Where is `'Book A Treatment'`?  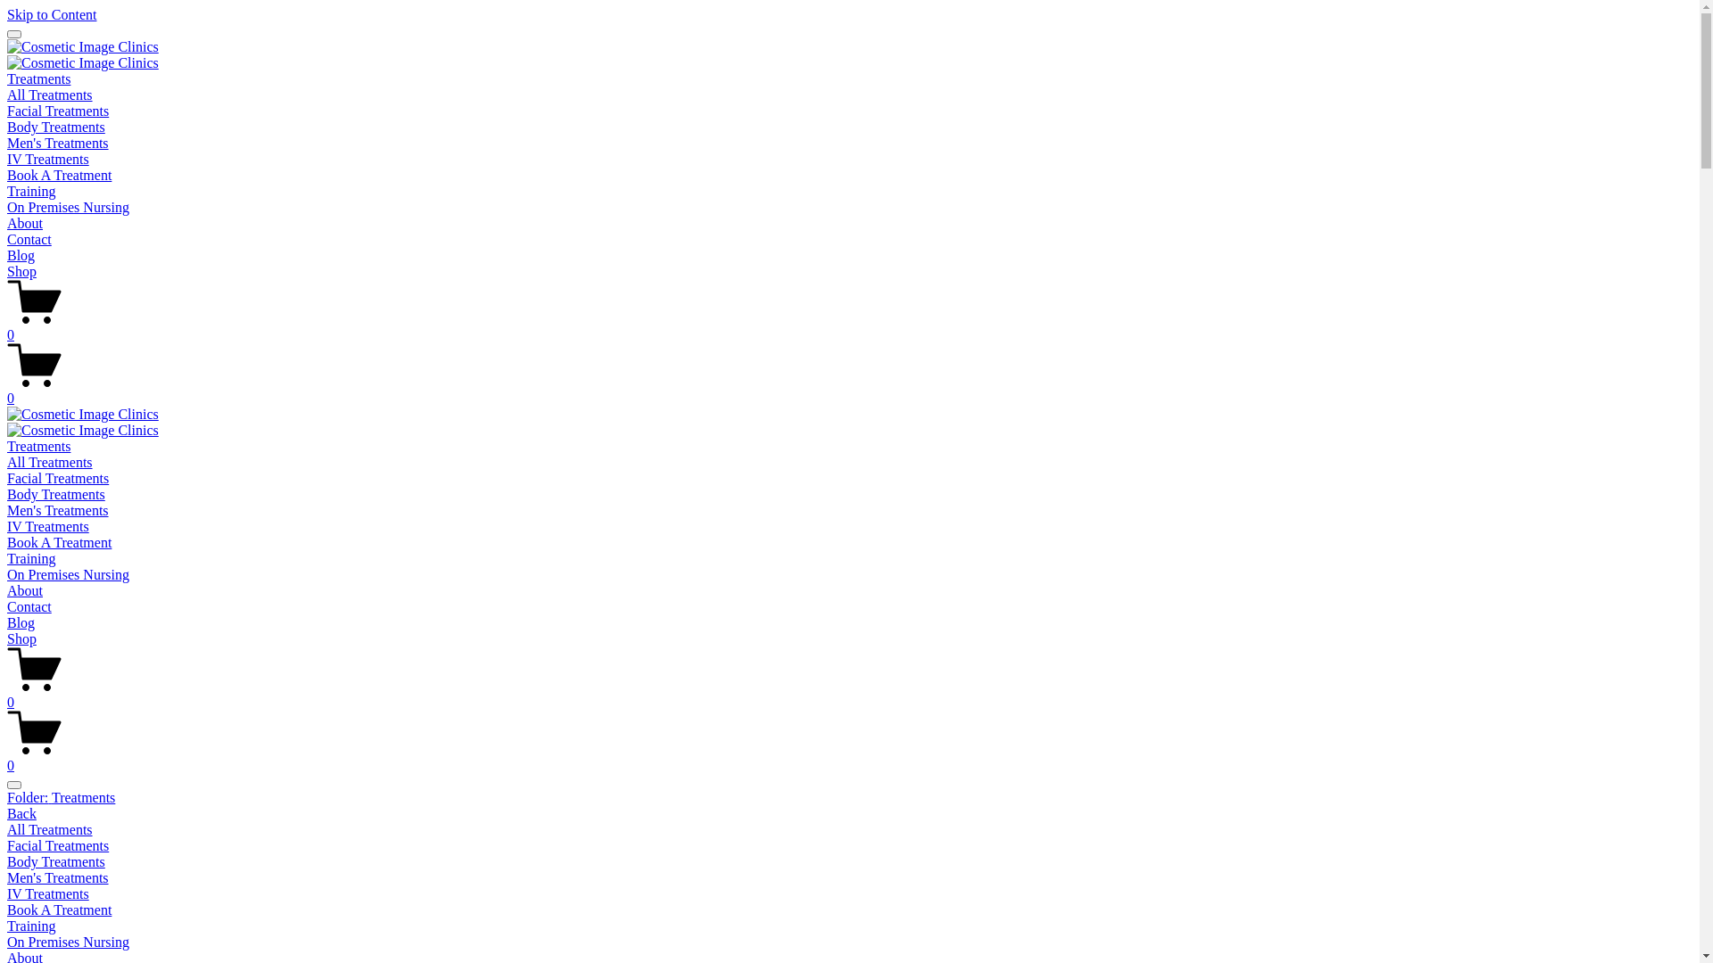
'Book A Treatment' is located at coordinates (59, 175).